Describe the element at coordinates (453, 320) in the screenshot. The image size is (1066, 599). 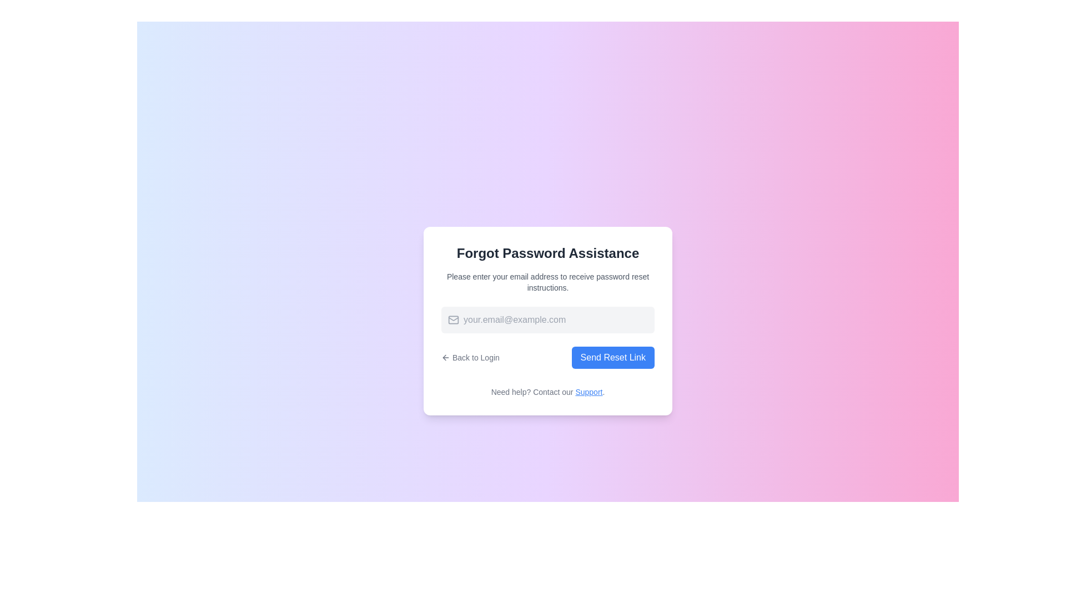
I see `the envelope icon located within the email input field, which is positioned to the left of the placeholder text 'your.email@example.com'` at that location.